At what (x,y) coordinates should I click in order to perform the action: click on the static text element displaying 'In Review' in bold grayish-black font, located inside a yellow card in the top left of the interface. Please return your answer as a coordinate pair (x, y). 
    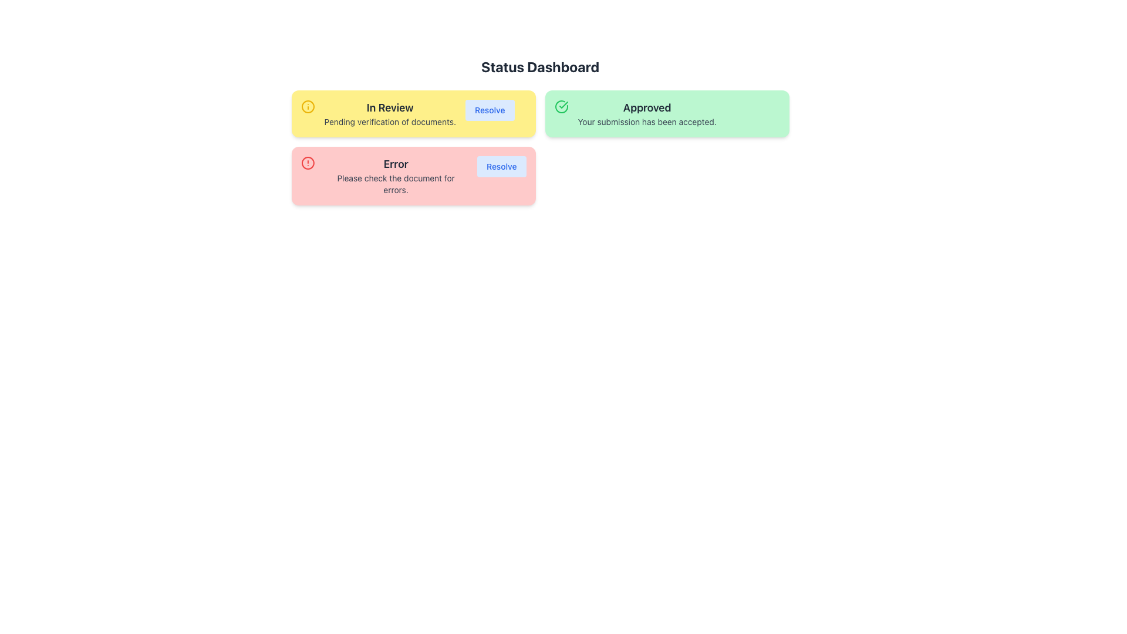
    Looking at the image, I should click on (390, 108).